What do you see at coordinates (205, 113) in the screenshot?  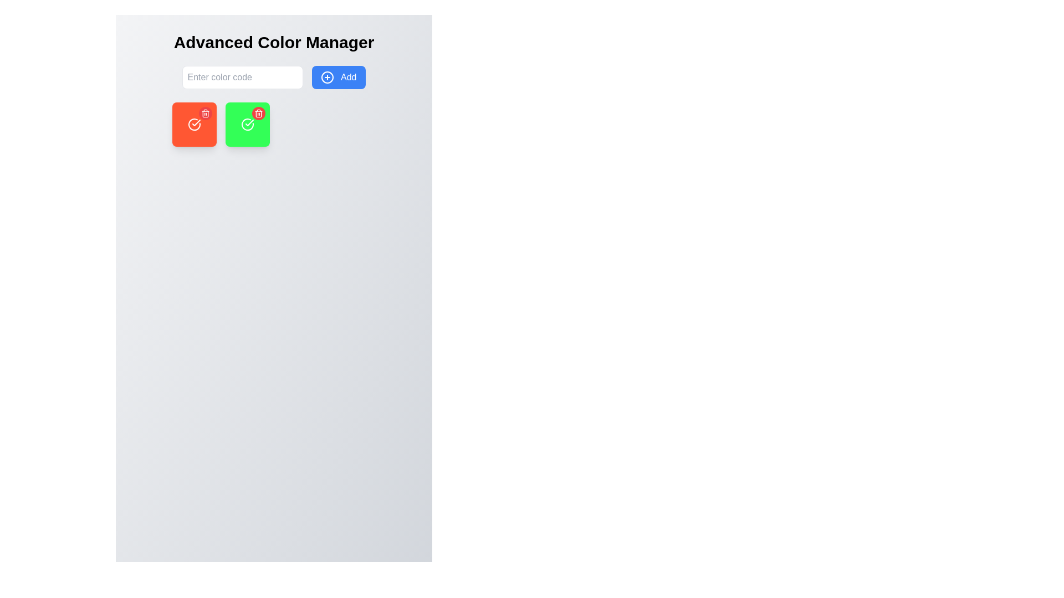 I see `the 'Delete' button located in the upper-right corner of the red square card` at bounding box center [205, 113].